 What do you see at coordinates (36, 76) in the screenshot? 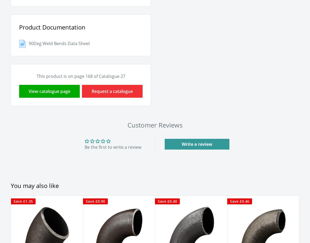
I see `'This product is on page
                                  168
                                  of Catalogue
                                  27'` at bounding box center [36, 76].